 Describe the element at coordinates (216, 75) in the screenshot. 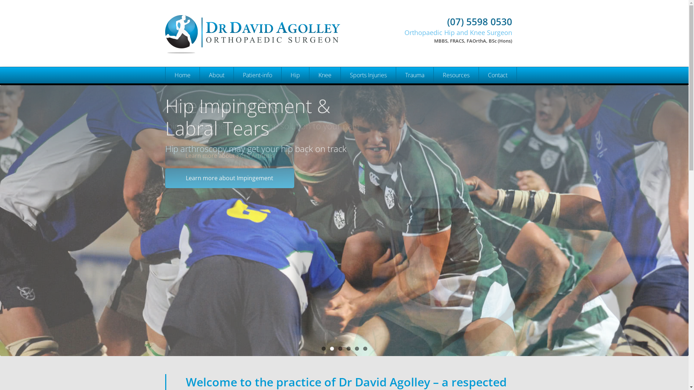

I see `'About'` at that location.